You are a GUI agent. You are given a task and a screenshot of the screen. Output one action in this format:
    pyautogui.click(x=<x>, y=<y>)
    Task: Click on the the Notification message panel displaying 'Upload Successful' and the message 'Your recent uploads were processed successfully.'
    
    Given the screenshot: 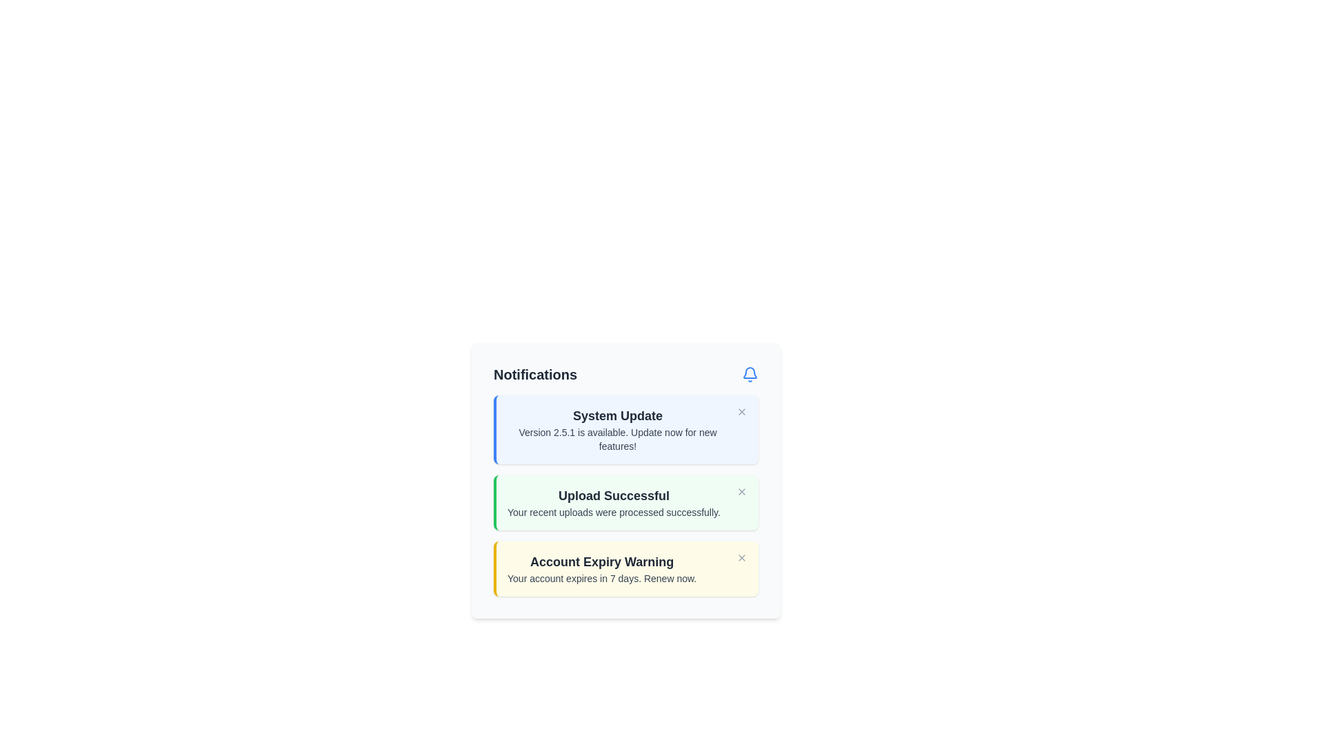 What is the action you would take?
    pyautogui.click(x=625, y=496)
    